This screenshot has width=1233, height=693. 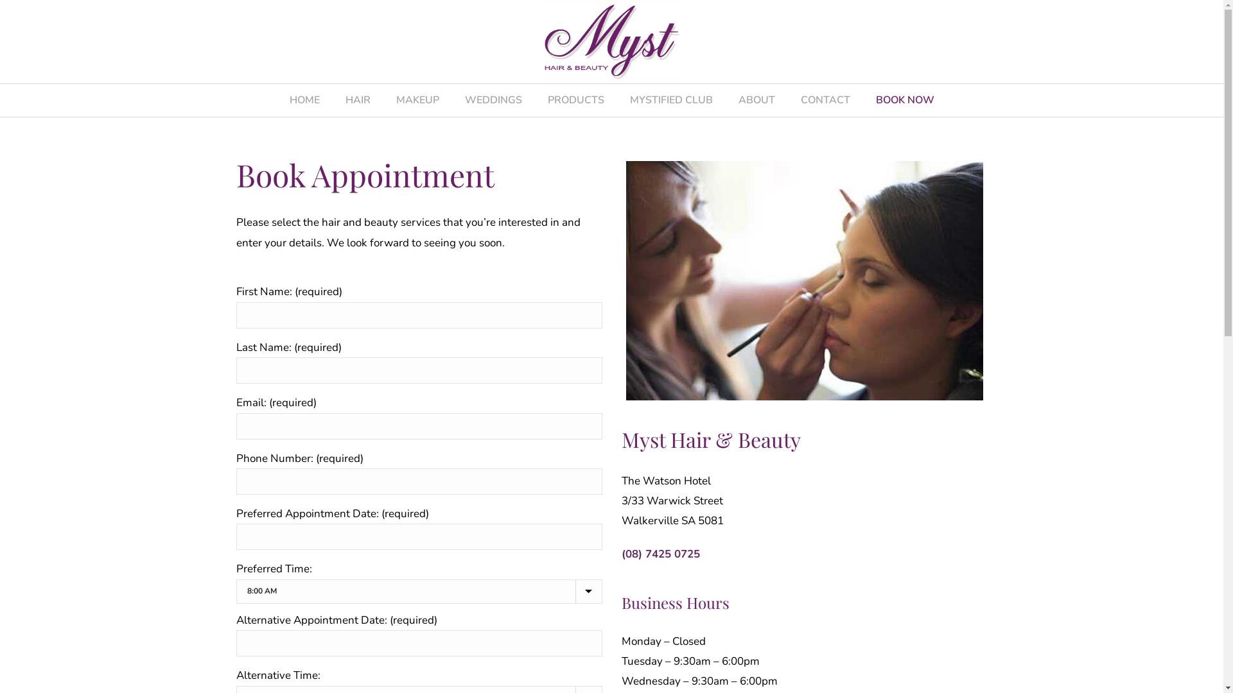 What do you see at coordinates (358, 99) in the screenshot?
I see `'HAIR'` at bounding box center [358, 99].